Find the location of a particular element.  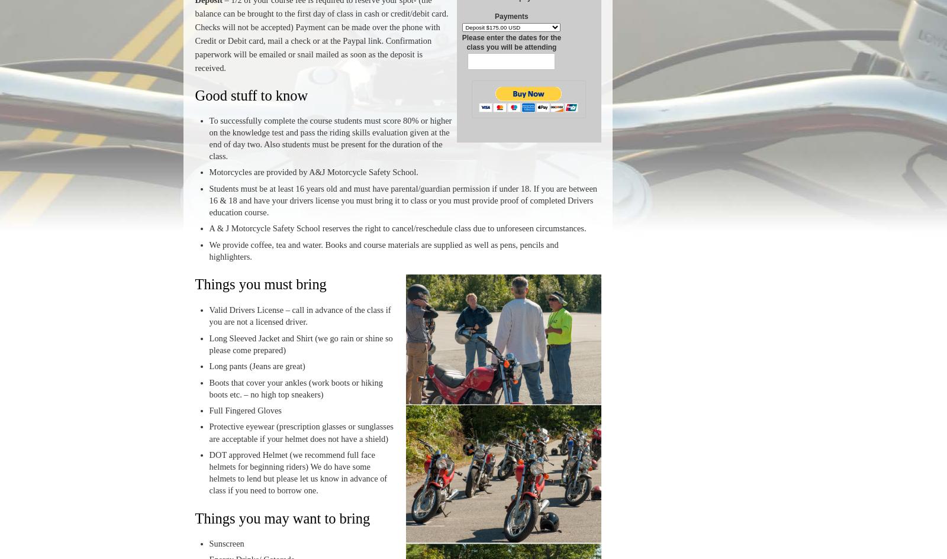

'Boots that cover your ankles (work boots or hiking boots etc. – no high top sneakers)' is located at coordinates (208, 387).